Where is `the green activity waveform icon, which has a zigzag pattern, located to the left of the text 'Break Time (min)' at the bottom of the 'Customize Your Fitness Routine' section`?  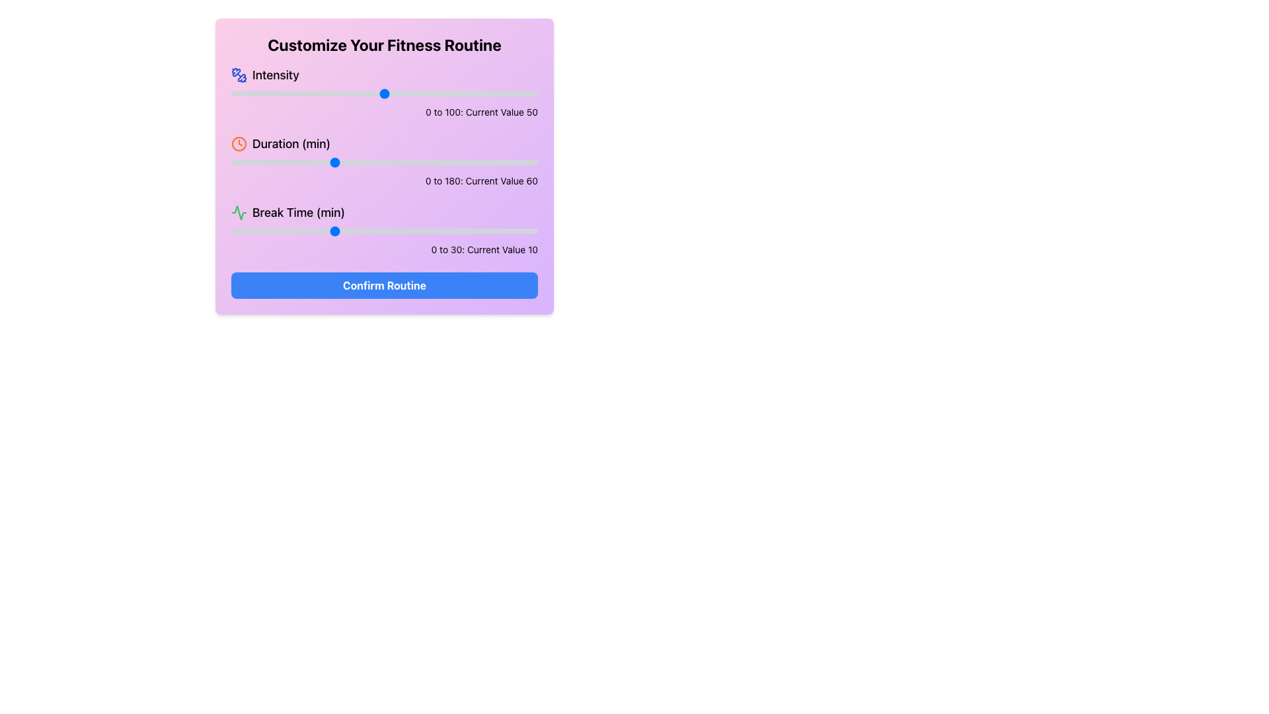 the green activity waveform icon, which has a zigzag pattern, located to the left of the text 'Break Time (min)' at the bottom of the 'Customize Your Fitness Routine' section is located at coordinates (239, 212).